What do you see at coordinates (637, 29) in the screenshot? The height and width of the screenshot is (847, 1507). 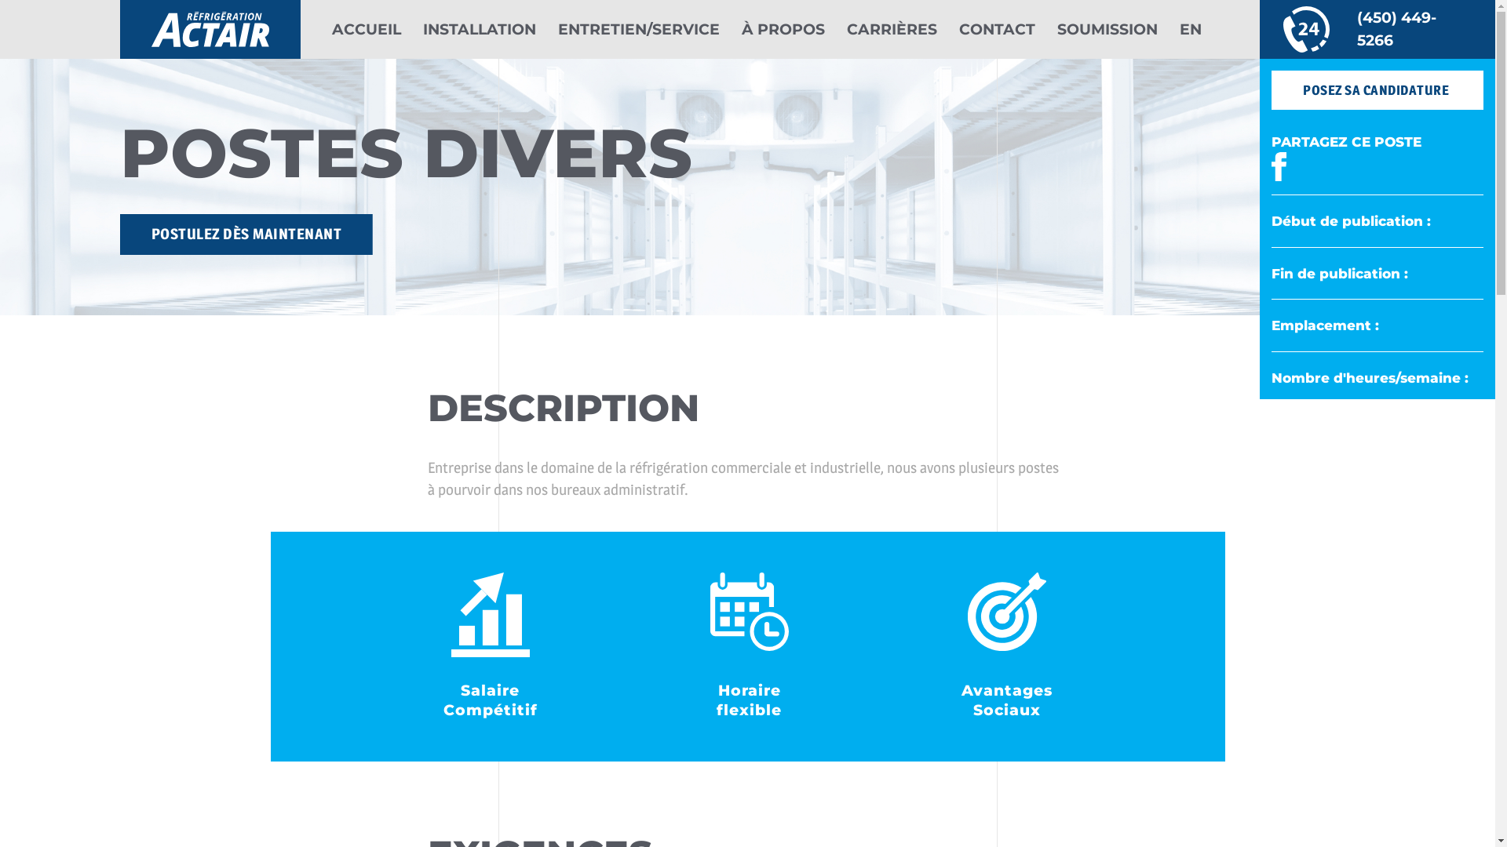 I see `'ENTRETIEN/SERVICE'` at bounding box center [637, 29].